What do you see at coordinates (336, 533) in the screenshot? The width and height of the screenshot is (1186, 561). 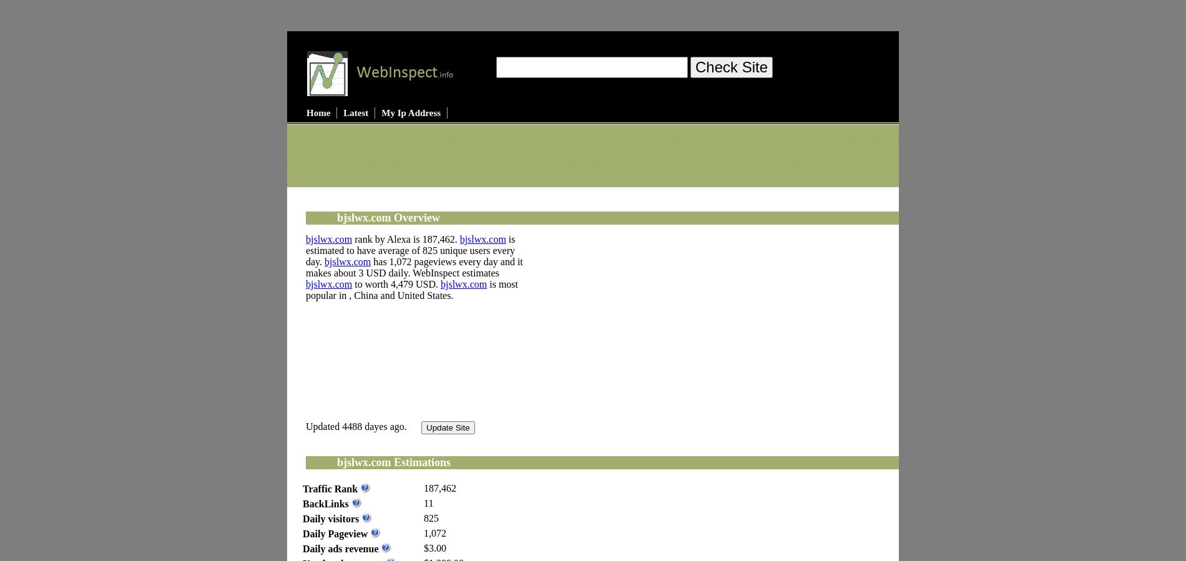 I see `'Daily Pageview'` at bounding box center [336, 533].